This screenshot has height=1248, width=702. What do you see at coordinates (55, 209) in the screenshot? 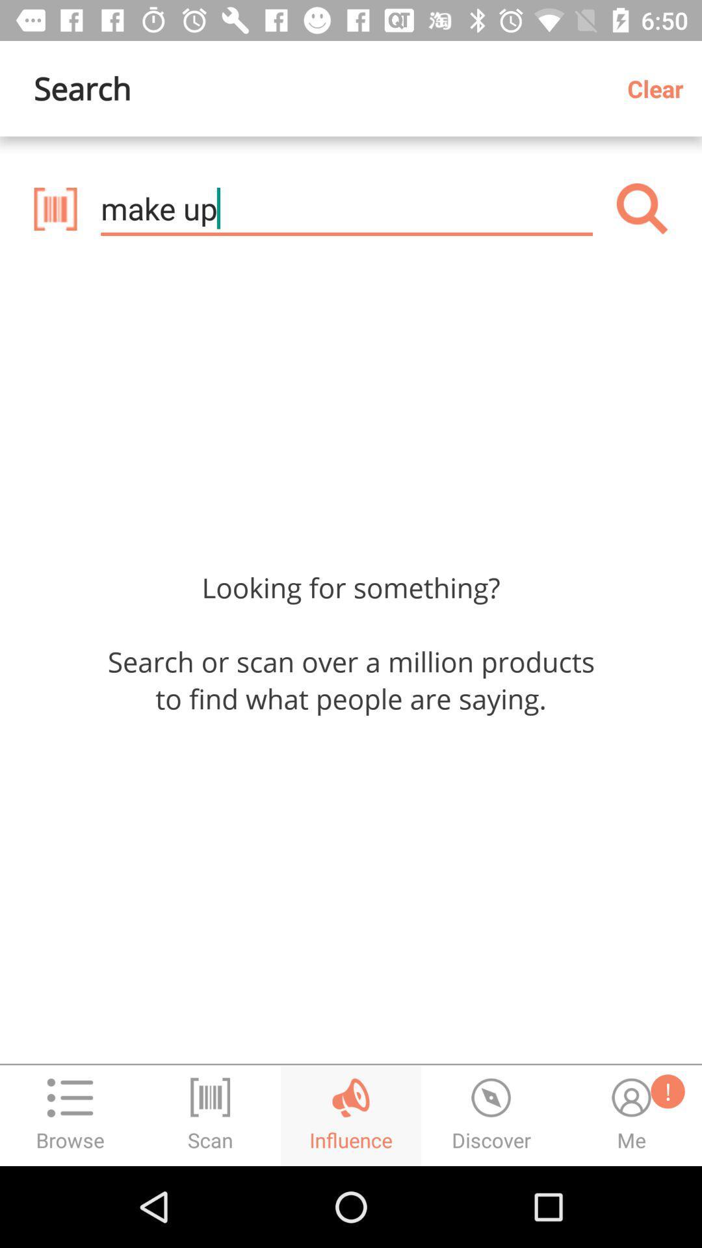
I see `icon below search icon` at bounding box center [55, 209].